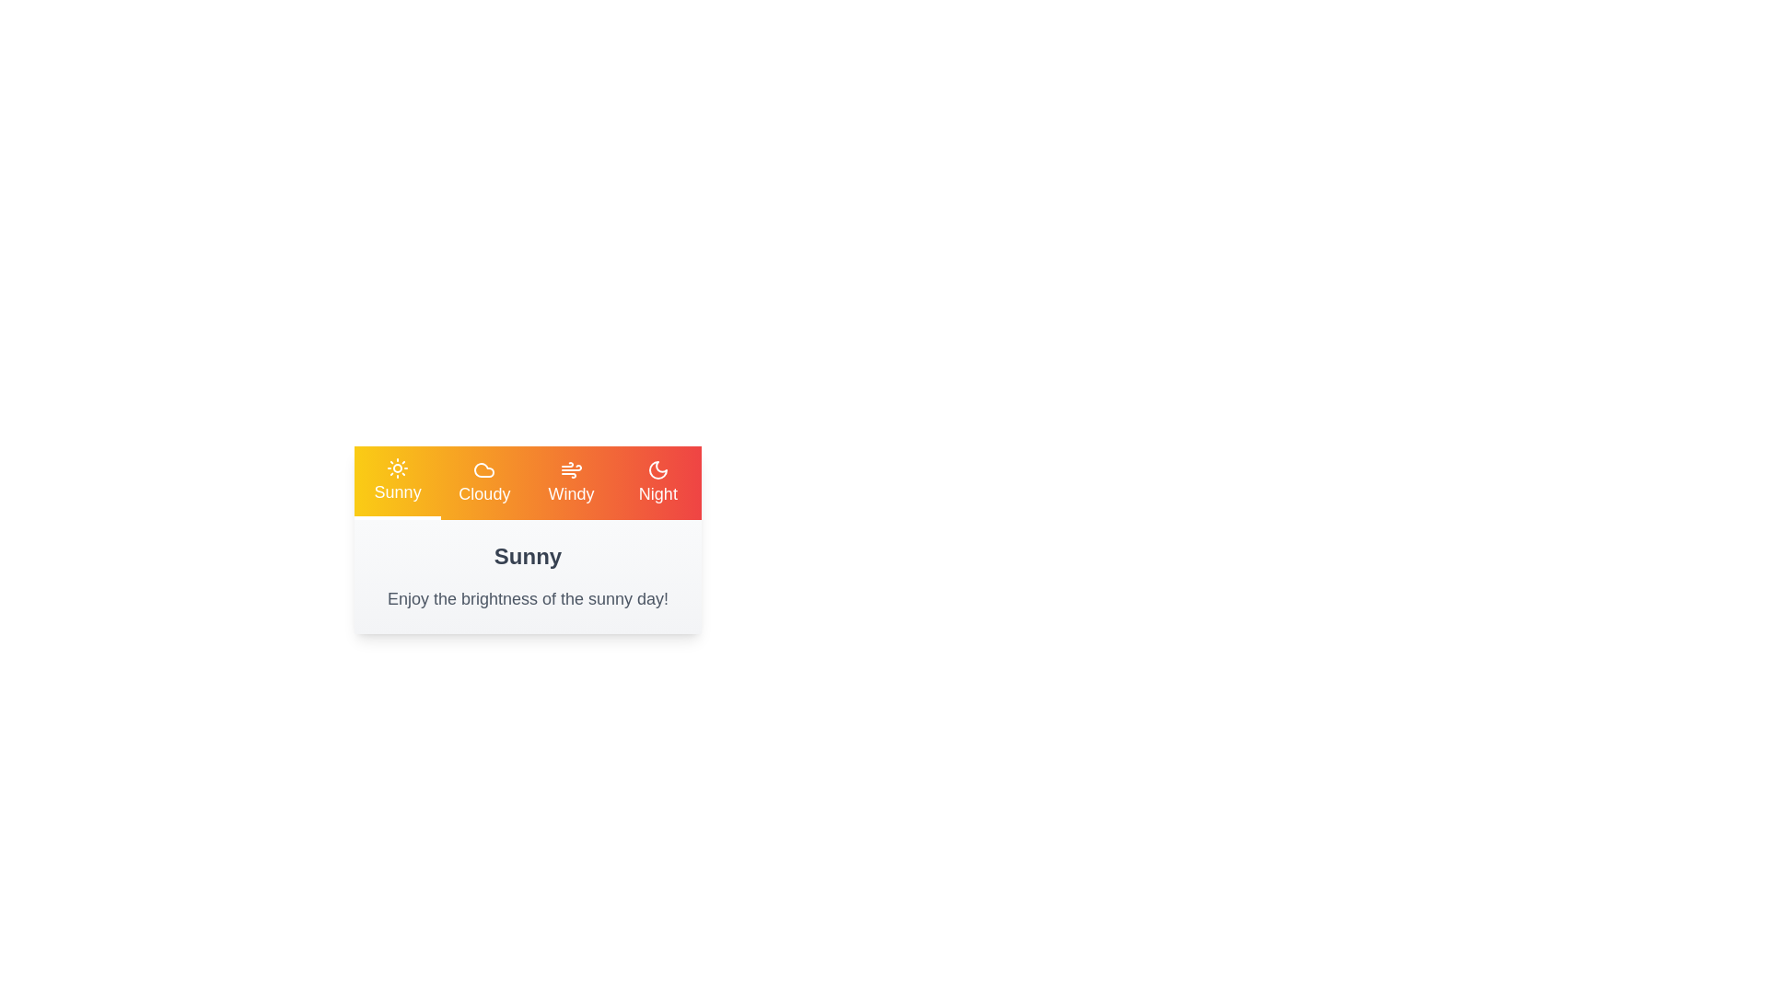  I want to click on the tab corresponding to Windy, so click(570, 481).